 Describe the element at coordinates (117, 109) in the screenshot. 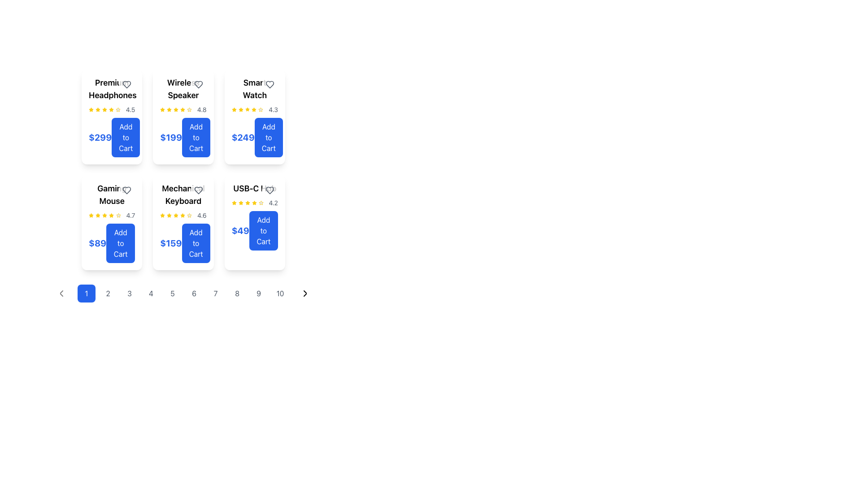

I see `the five-pointed star icon with a light gray fill and yellow border lines located in the rating section below the product title 'Premium Headphones' in the first product card of the grid layout` at that location.